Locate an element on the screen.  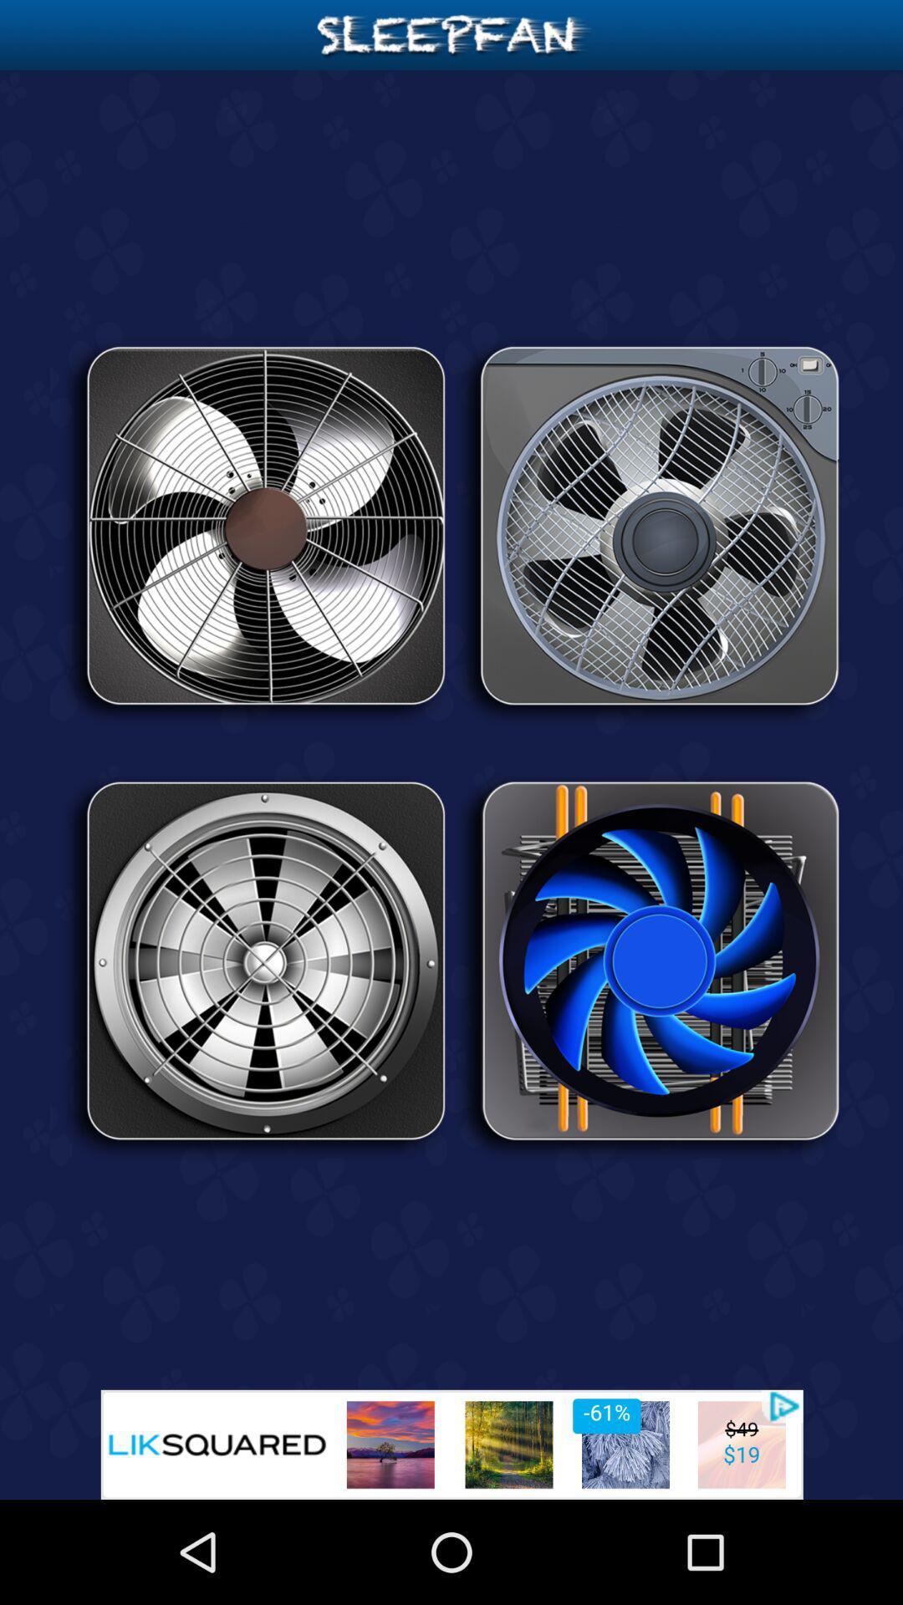
changes the rate and sound of the fan blowing is located at coordinates (647, 967).